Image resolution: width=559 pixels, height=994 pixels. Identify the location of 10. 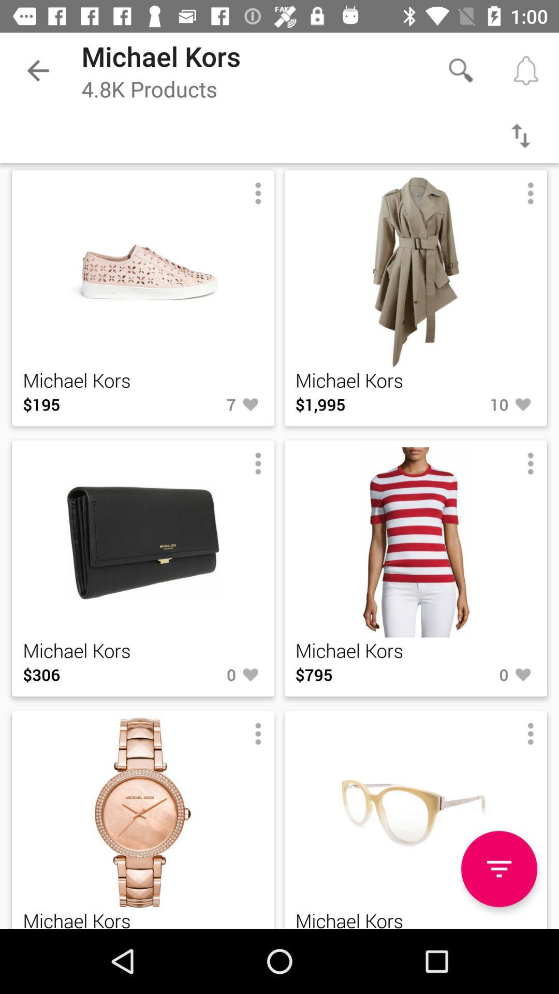
(476, 404).